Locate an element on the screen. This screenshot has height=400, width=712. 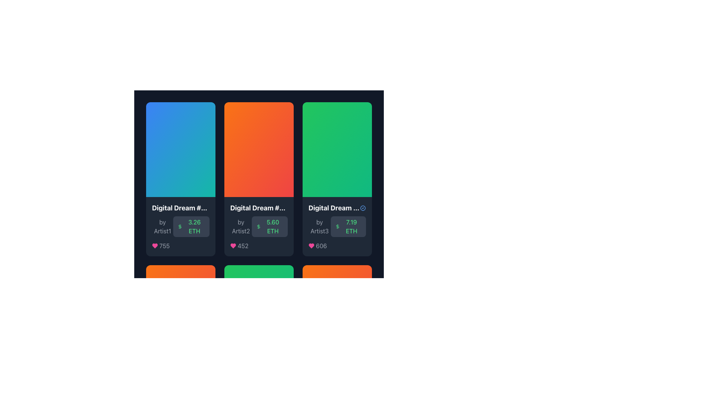
text label displaying 'by Artist3' located at the top left of the card, above the price text '7.19 ETH' is located at coordinates (319, 226).